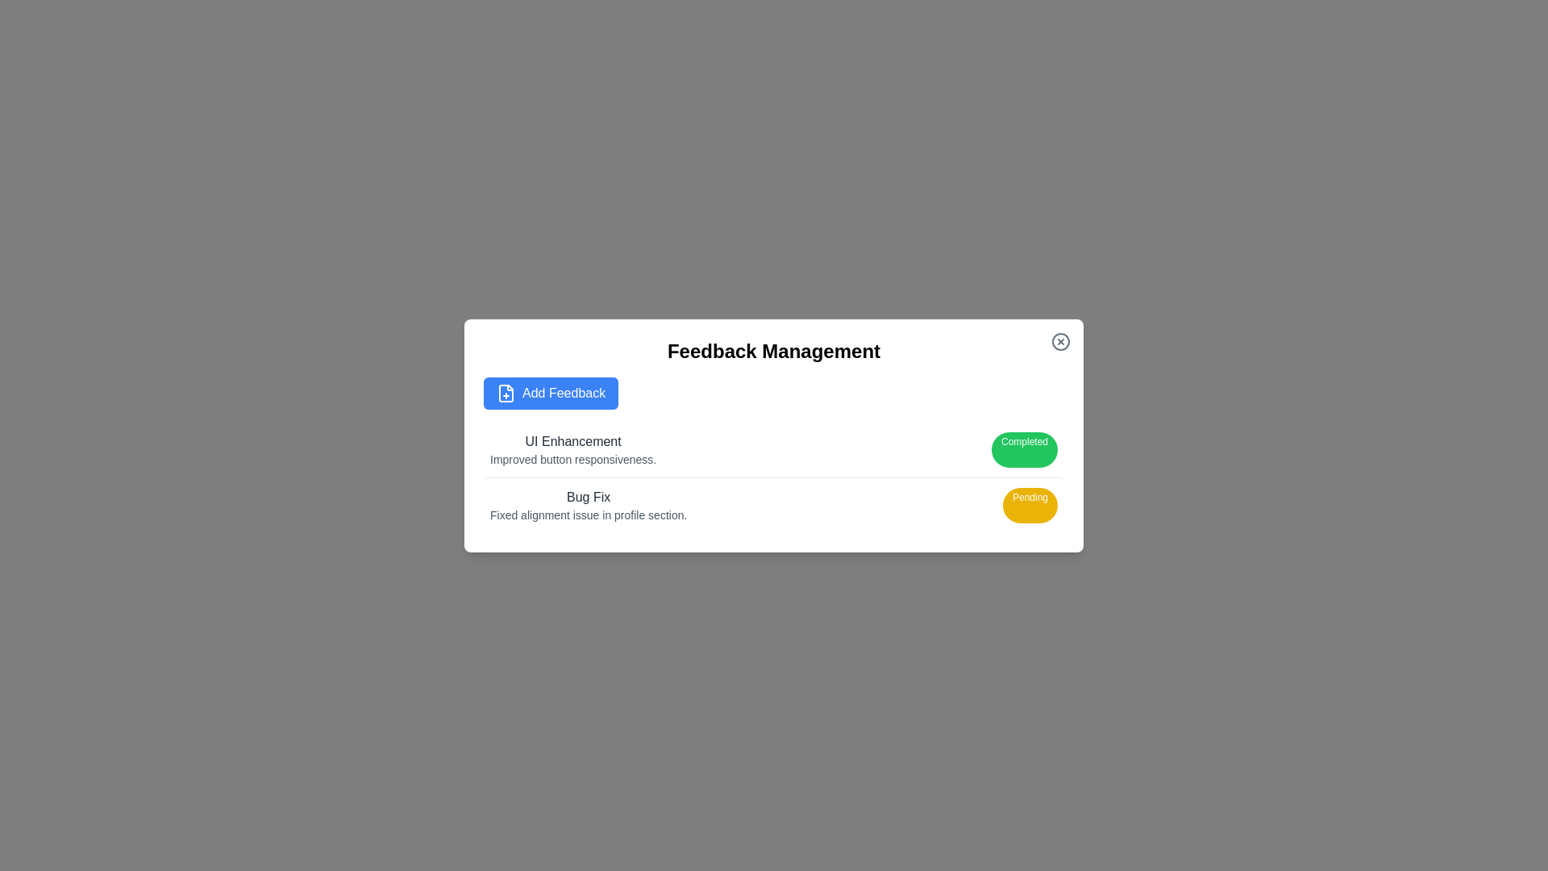  I want to click on the document icon with a plus sign, which is styled with a blue background and is located to the left of the 'Add Feedback' button text, positioned at the top of the feedback management interface, so click(506, 393).